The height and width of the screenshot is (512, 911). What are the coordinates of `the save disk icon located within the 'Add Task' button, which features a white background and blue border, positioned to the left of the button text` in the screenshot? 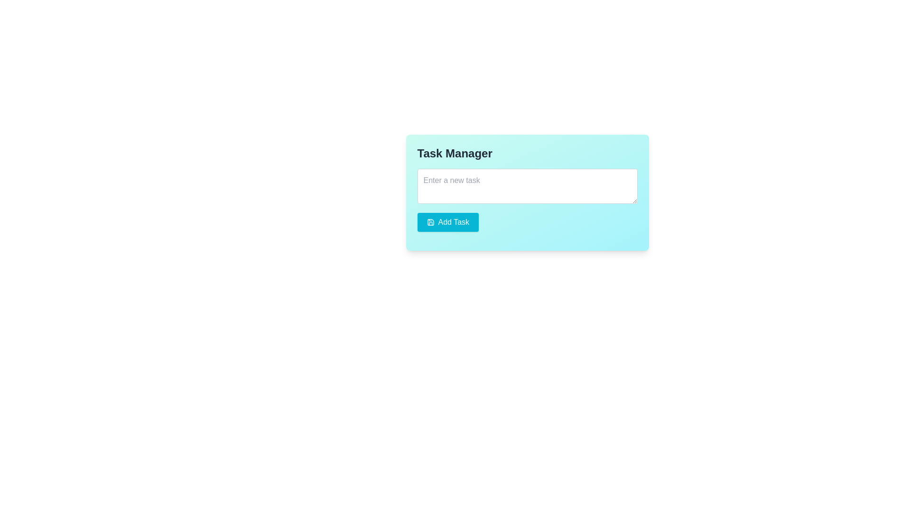 It's located at (430, 222).